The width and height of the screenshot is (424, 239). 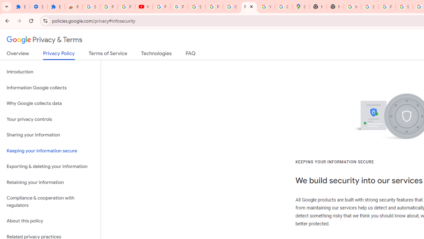 I want to click on 'New Tab', so click(x=318, y=7).